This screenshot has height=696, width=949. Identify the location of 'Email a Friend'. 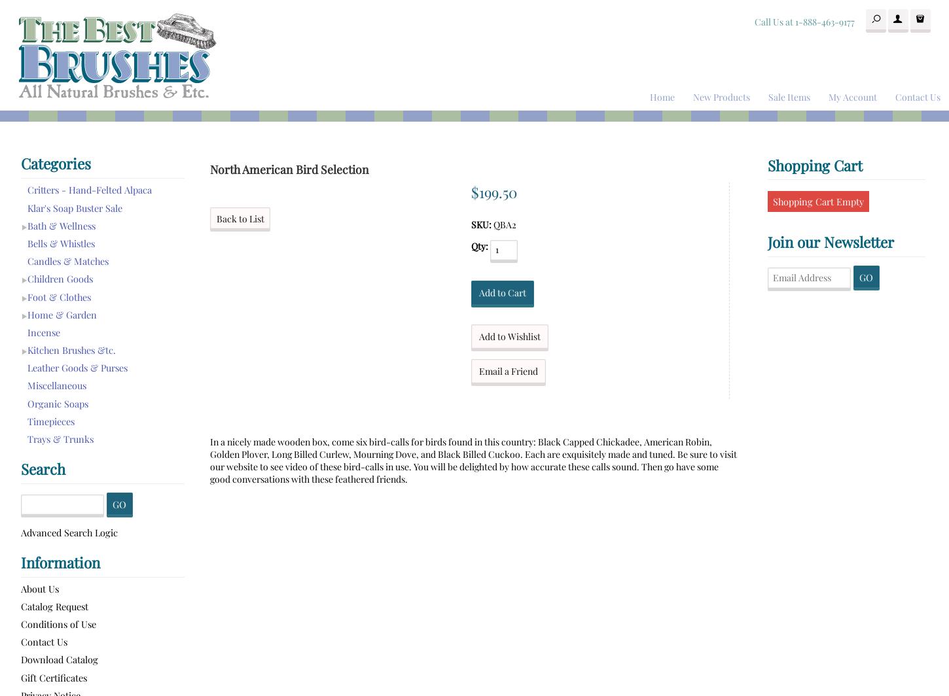
(509, 370).